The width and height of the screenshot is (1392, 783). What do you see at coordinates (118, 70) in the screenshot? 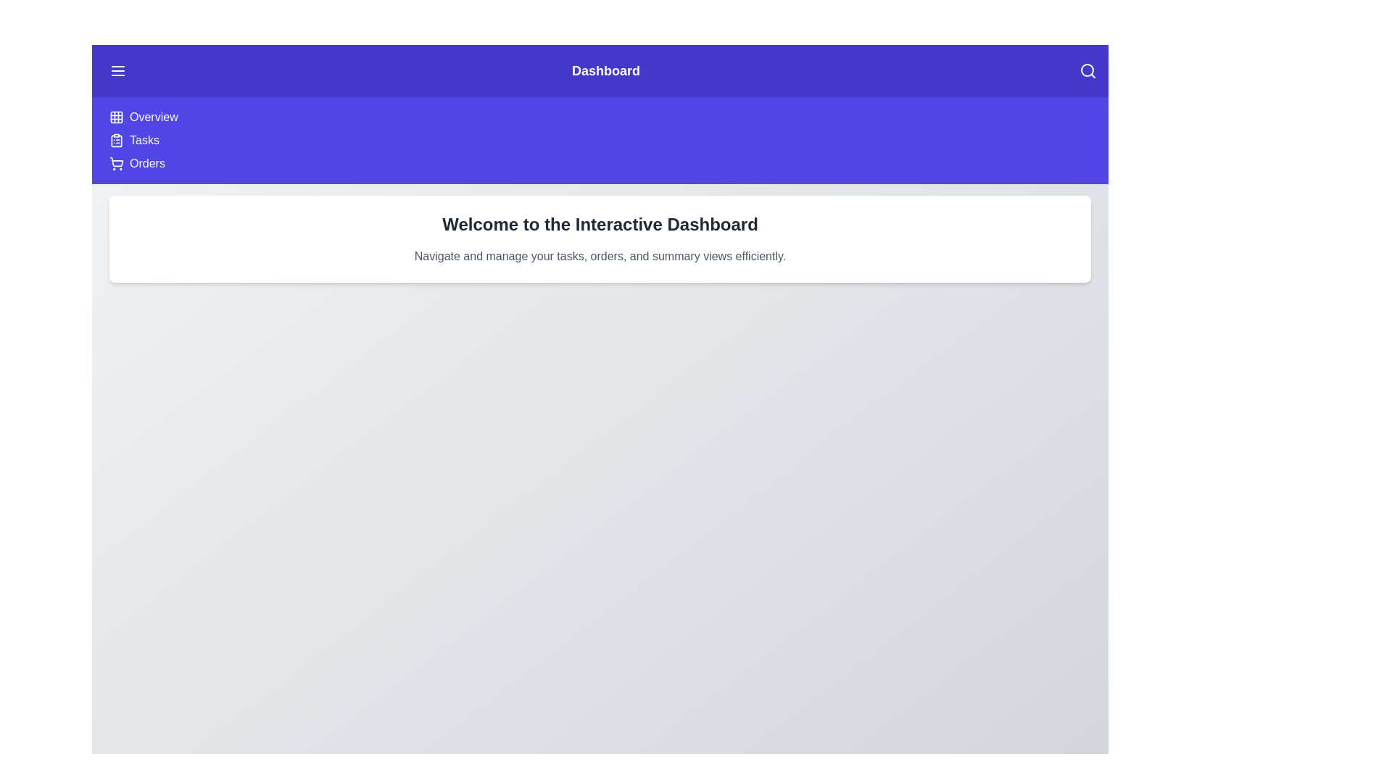
I see `menu button in the top left corner of the app bar to toggle the sidebar visibility` at bounding box center [118, 70].